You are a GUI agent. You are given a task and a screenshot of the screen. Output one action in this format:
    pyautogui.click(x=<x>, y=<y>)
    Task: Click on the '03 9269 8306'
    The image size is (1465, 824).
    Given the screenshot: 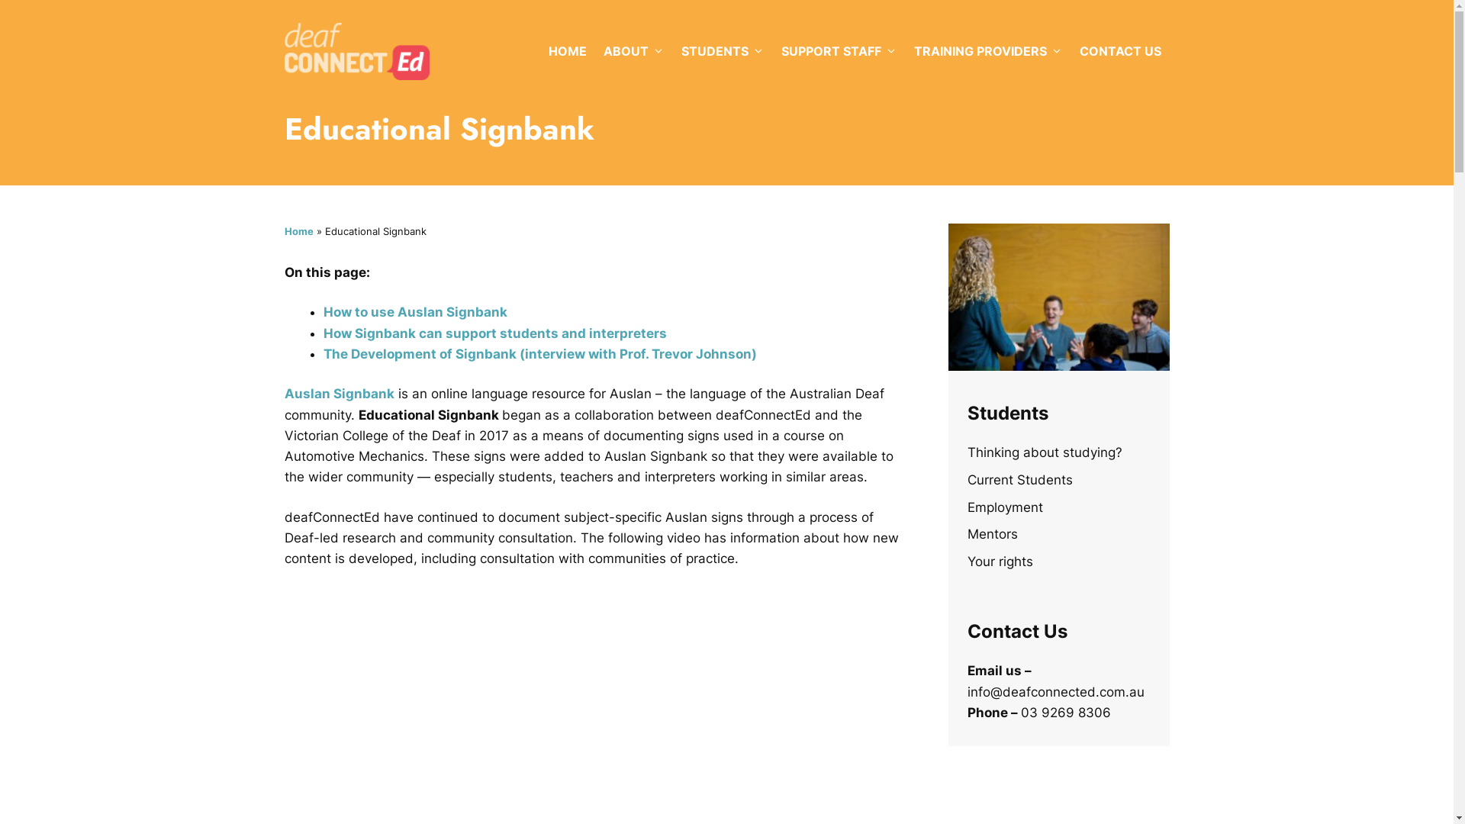 What is the action you would take?
    pyautogui.click(x=1021, y=712)
    